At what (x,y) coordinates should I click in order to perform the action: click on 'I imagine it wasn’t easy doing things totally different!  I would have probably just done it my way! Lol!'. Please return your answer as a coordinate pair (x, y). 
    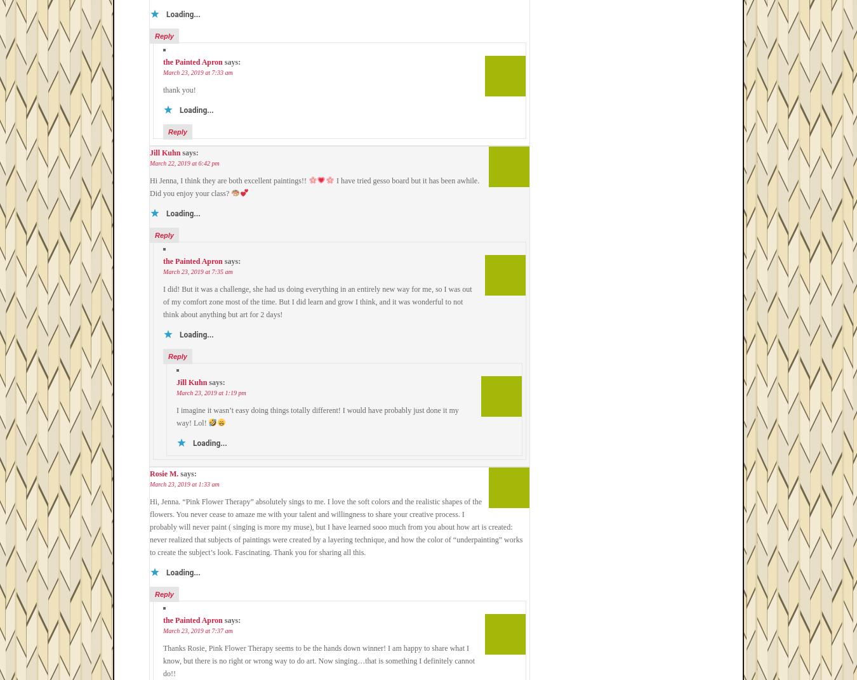
    Looking at the image, I should click on (317, 417).